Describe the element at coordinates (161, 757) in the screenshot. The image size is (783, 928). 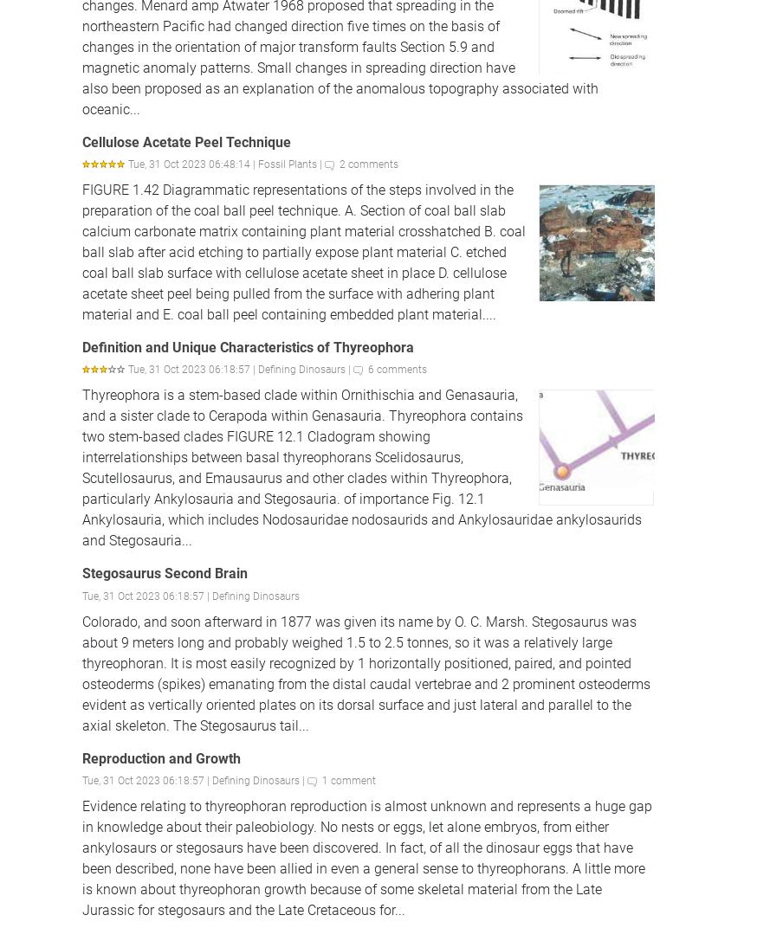
I see `'Reproduction and Growth'` at that location.